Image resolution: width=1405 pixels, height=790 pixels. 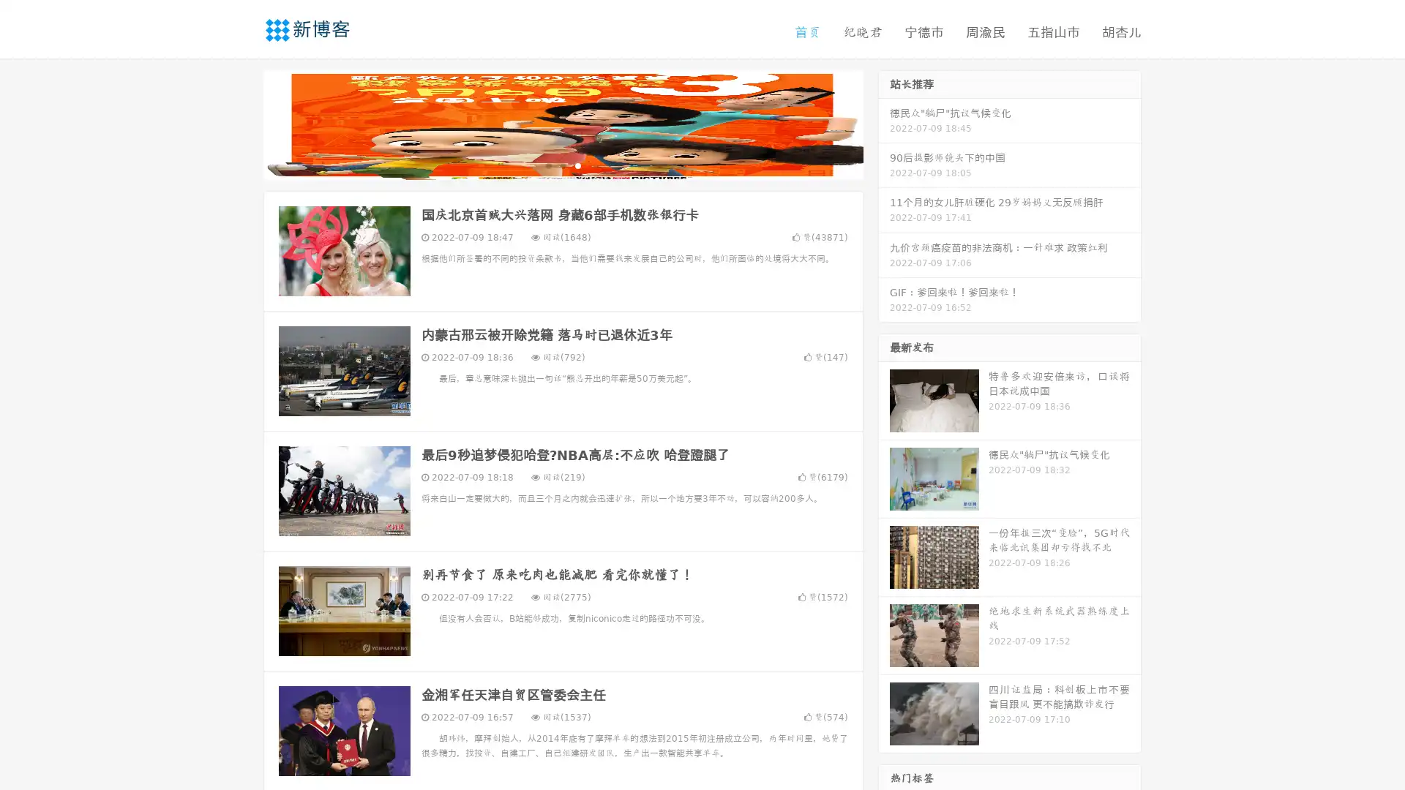 I want to click on Go to slide 2, so click(x=562, y=165).